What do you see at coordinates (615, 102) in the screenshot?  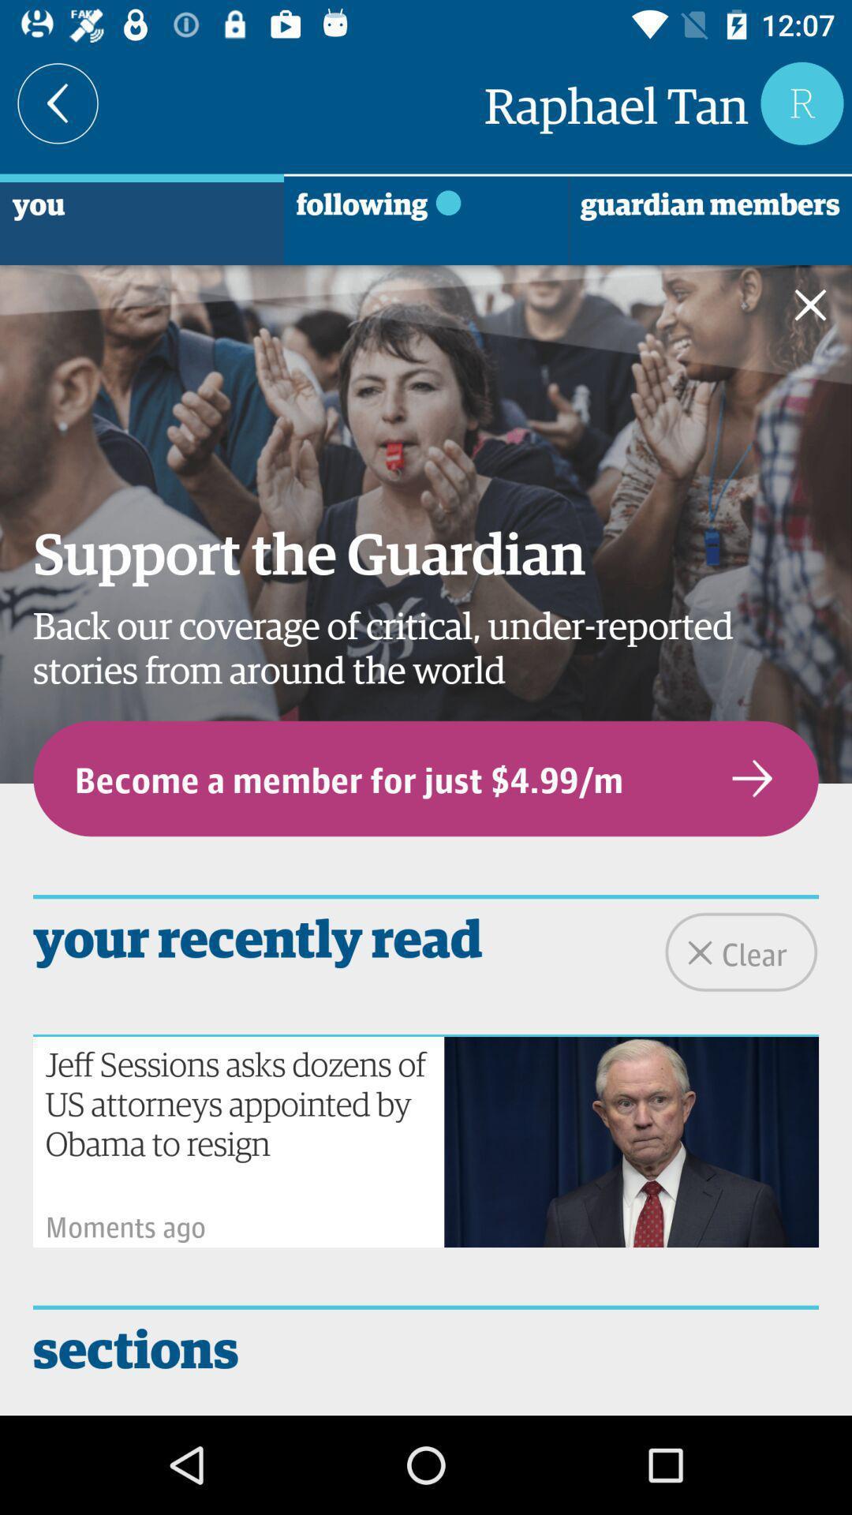 I see `raphael tan` at bounding box center [615, 102].